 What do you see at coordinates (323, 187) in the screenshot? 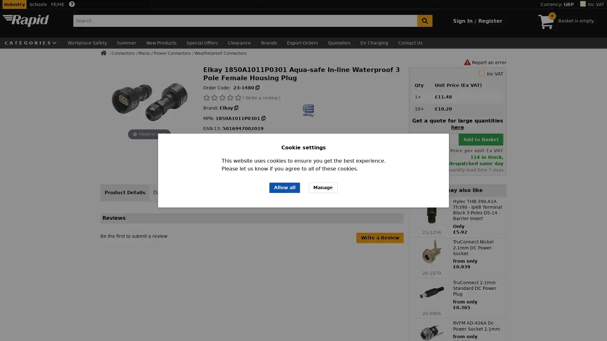
I see `Manage` at bounding box center [323, 187].